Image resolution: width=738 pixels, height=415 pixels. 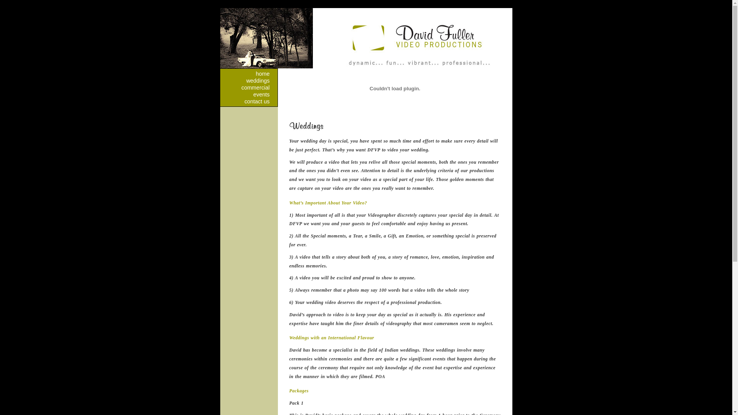 What do you see at coordinates (219, 87) in the screenshot?
I see `'commercial'` at bounding box center [219, 87].